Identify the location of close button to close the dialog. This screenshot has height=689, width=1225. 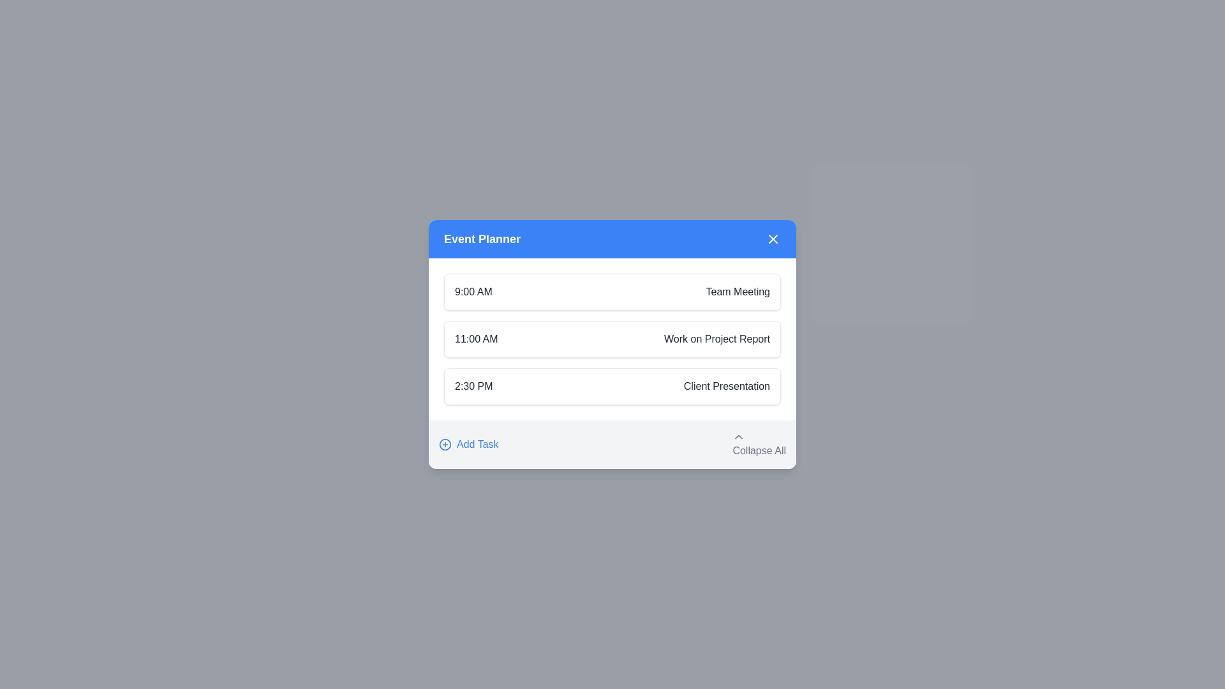
(772, 239).